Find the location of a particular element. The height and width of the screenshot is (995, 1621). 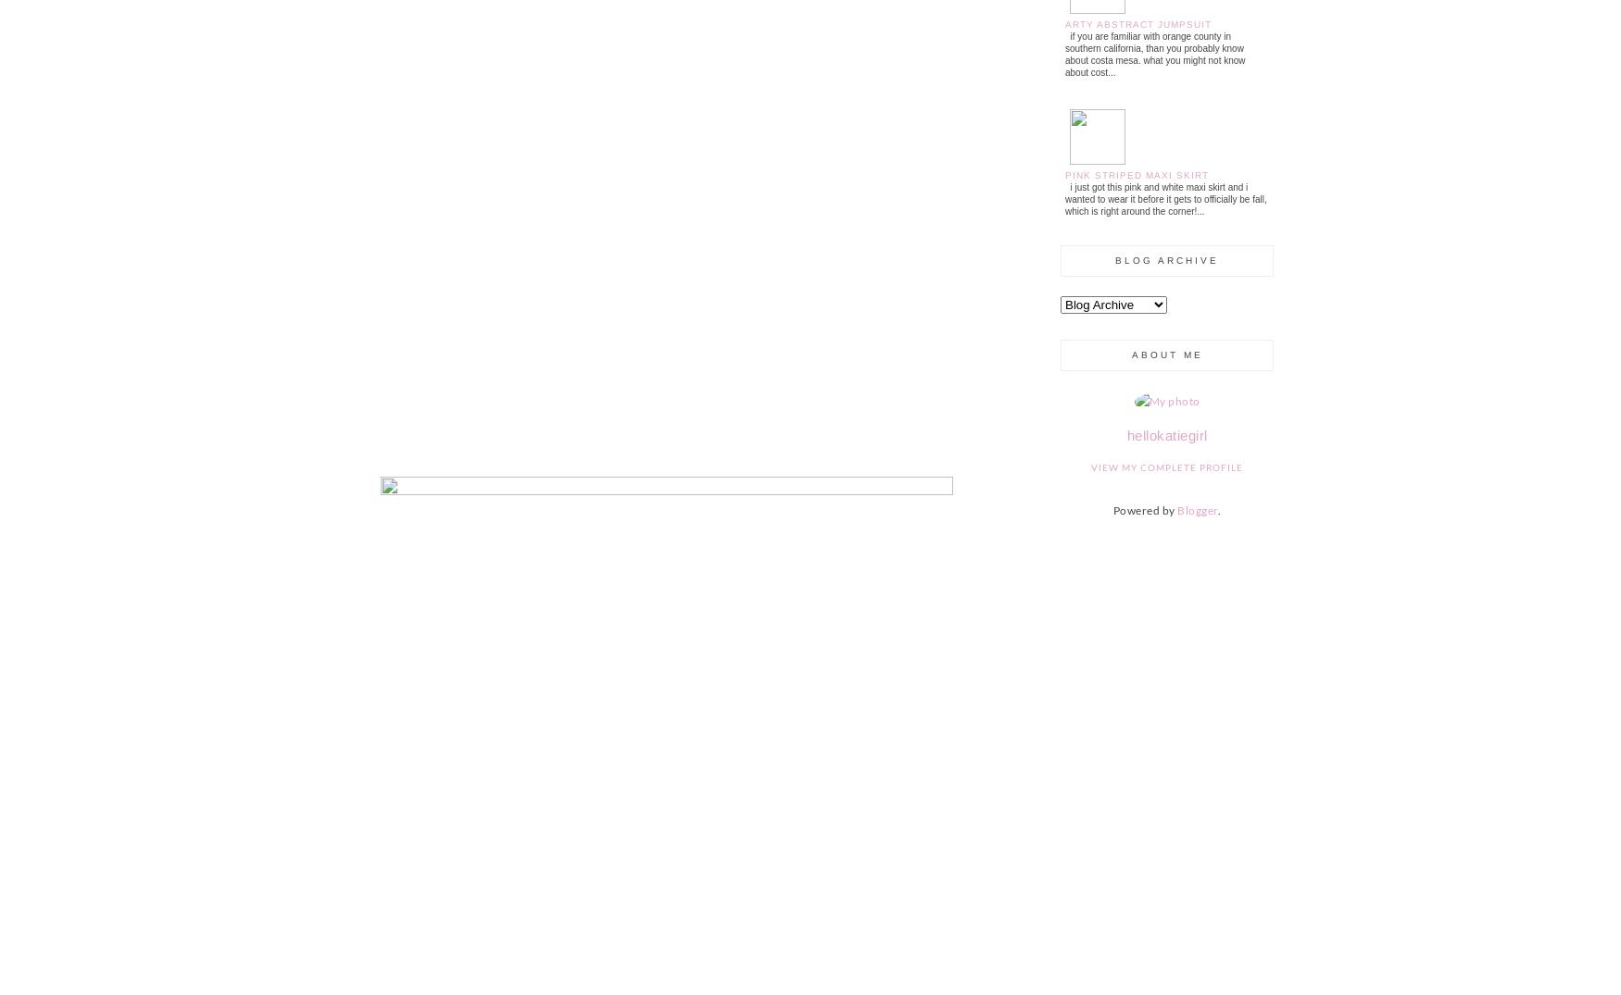

'Blogger' is located at coordinates (1196, 510).